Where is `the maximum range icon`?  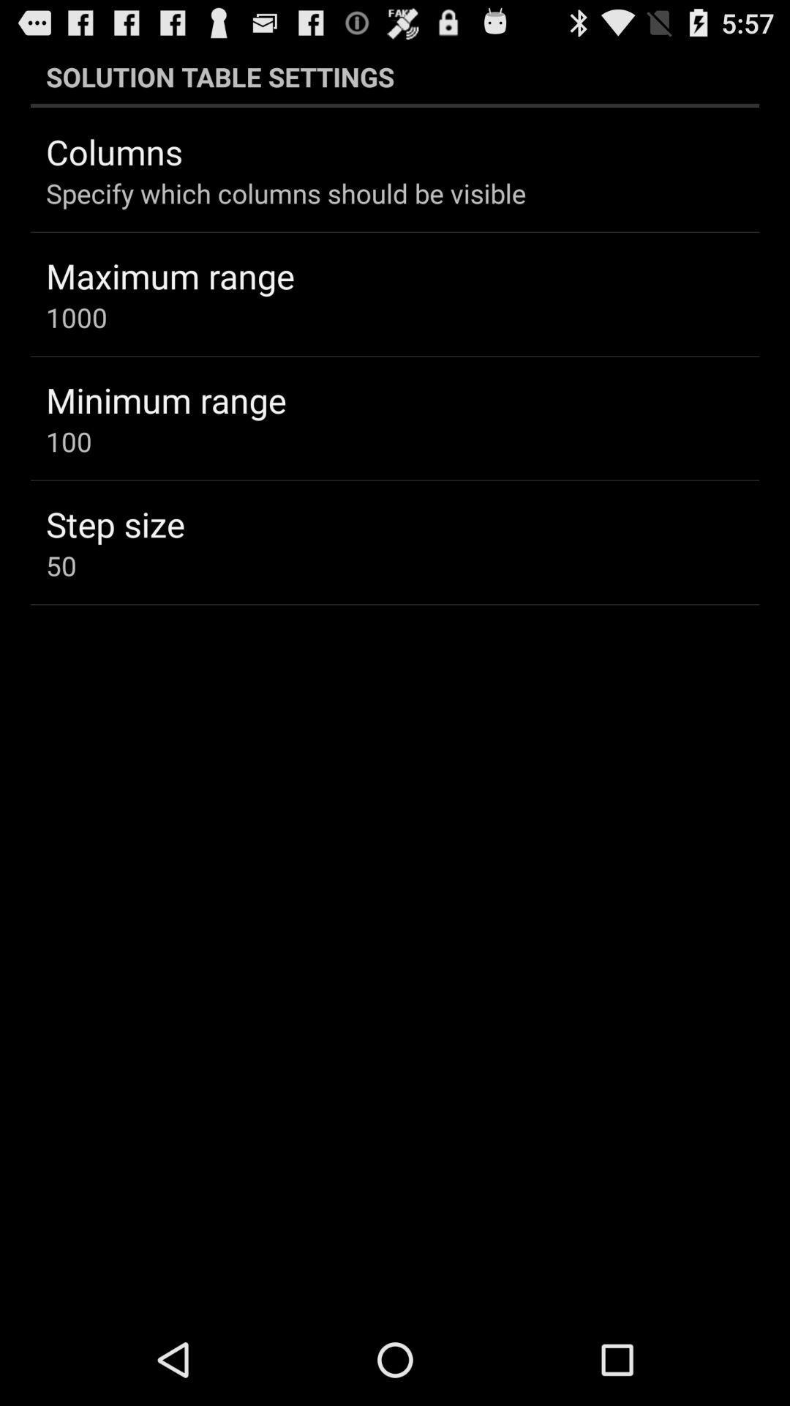
the maximum range icon is located at coordinates (169, 275).